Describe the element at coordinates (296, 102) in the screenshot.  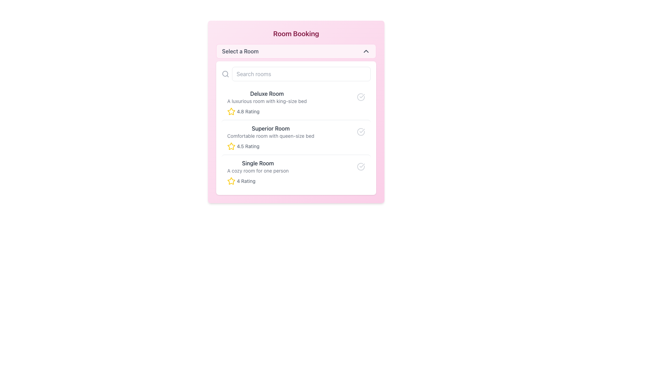
I see `the first card in the 'Room Booking' section` at that location.